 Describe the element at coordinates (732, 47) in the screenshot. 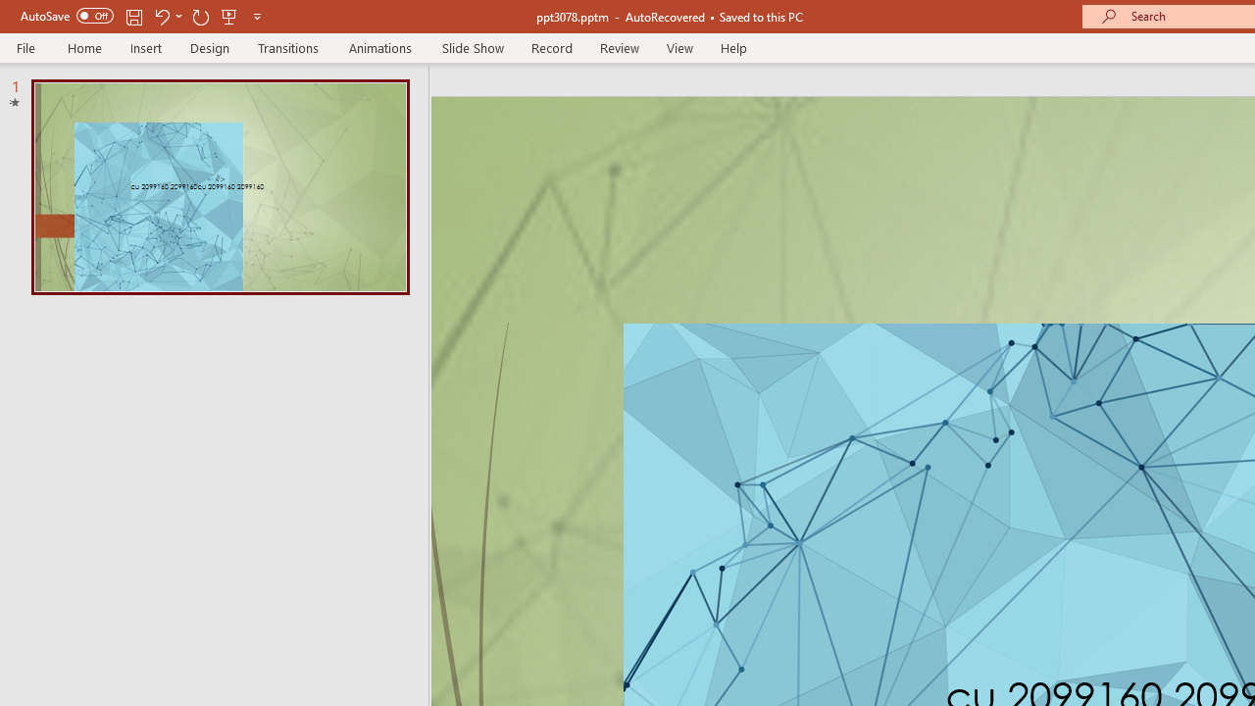

I see `'Help'` at that location.